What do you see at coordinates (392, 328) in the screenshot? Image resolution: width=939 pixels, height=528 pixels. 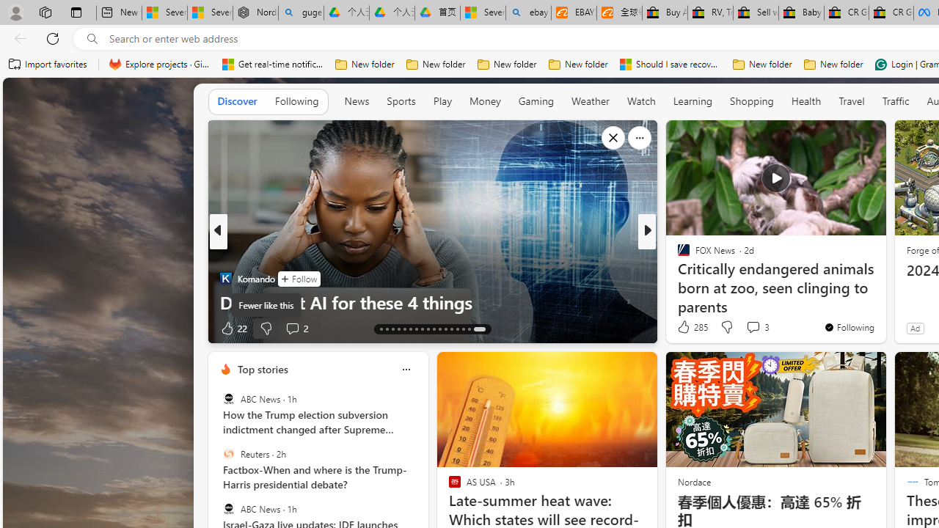 I see `'AutomationID: tab-15'` at bounding box center [392, 328].